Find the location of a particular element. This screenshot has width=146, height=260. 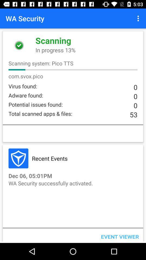

the item to the right of the wa security item is located at coordinates (139, 18).